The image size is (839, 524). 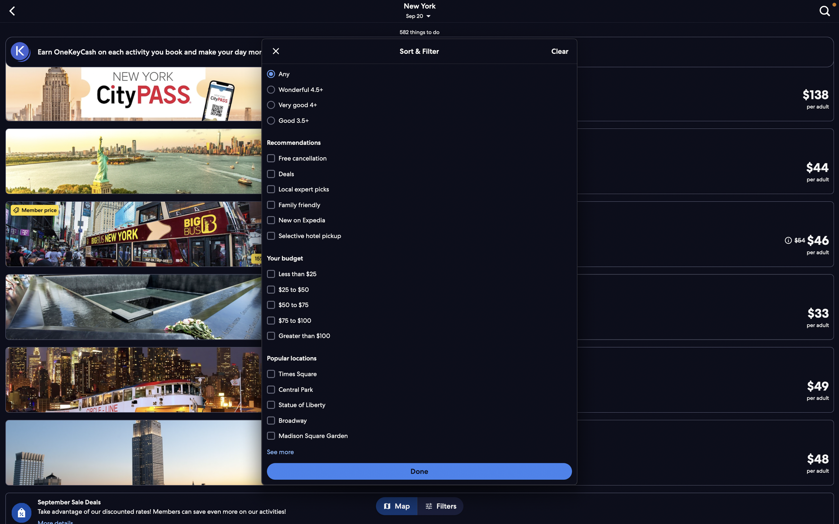 What do you see at coordinates (419, 235) in the screenshot?
I see `Go to the "select hotel pickup" and "more than 100" options and select them` at bounding box center [419, 235].